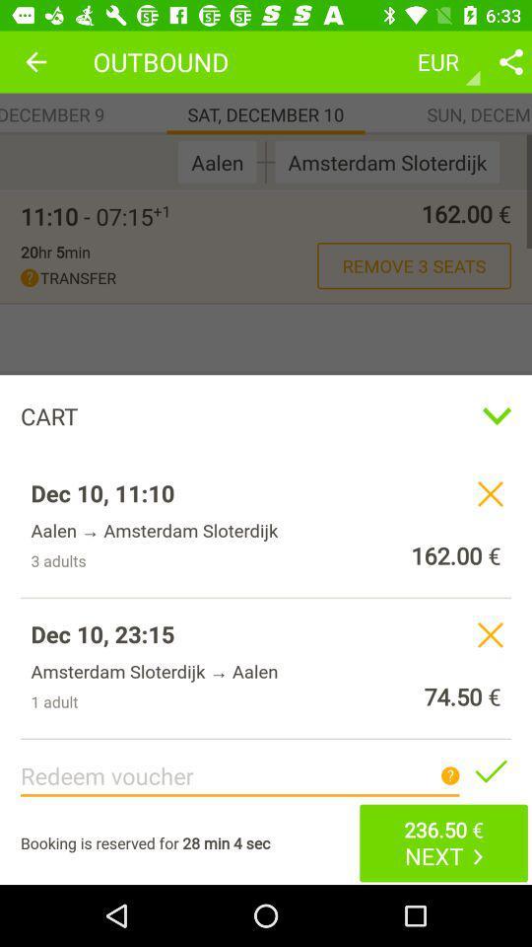  Describe the element at coordinates (489, 770) in the screenshot. I see `the check icon` at that location.